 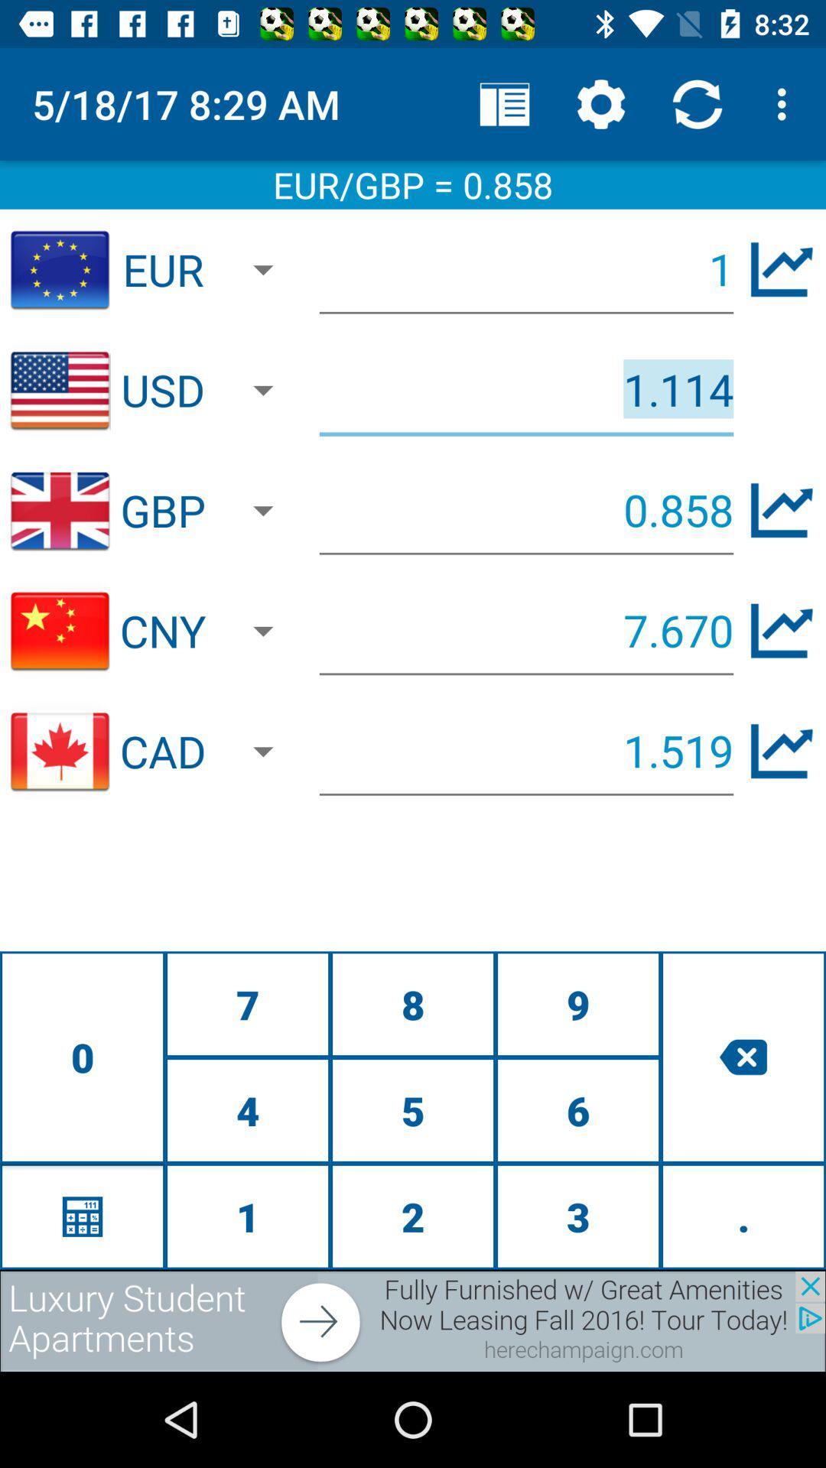 I want to click on chart, so click(x=782, y=510).